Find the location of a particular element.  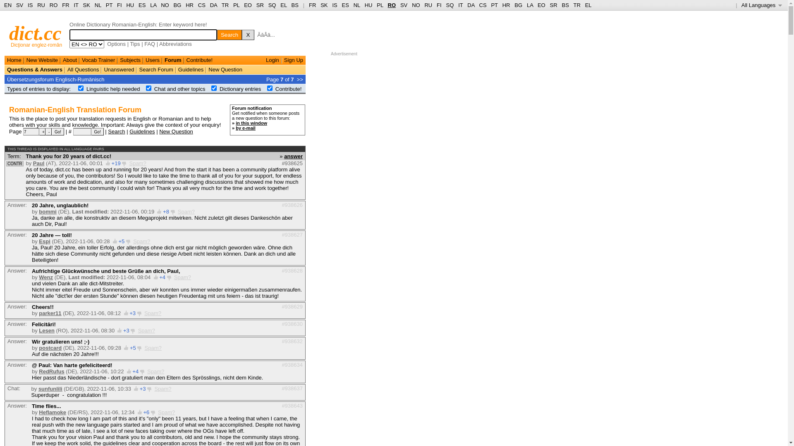

'Home' is located at coordinates (14, 59).